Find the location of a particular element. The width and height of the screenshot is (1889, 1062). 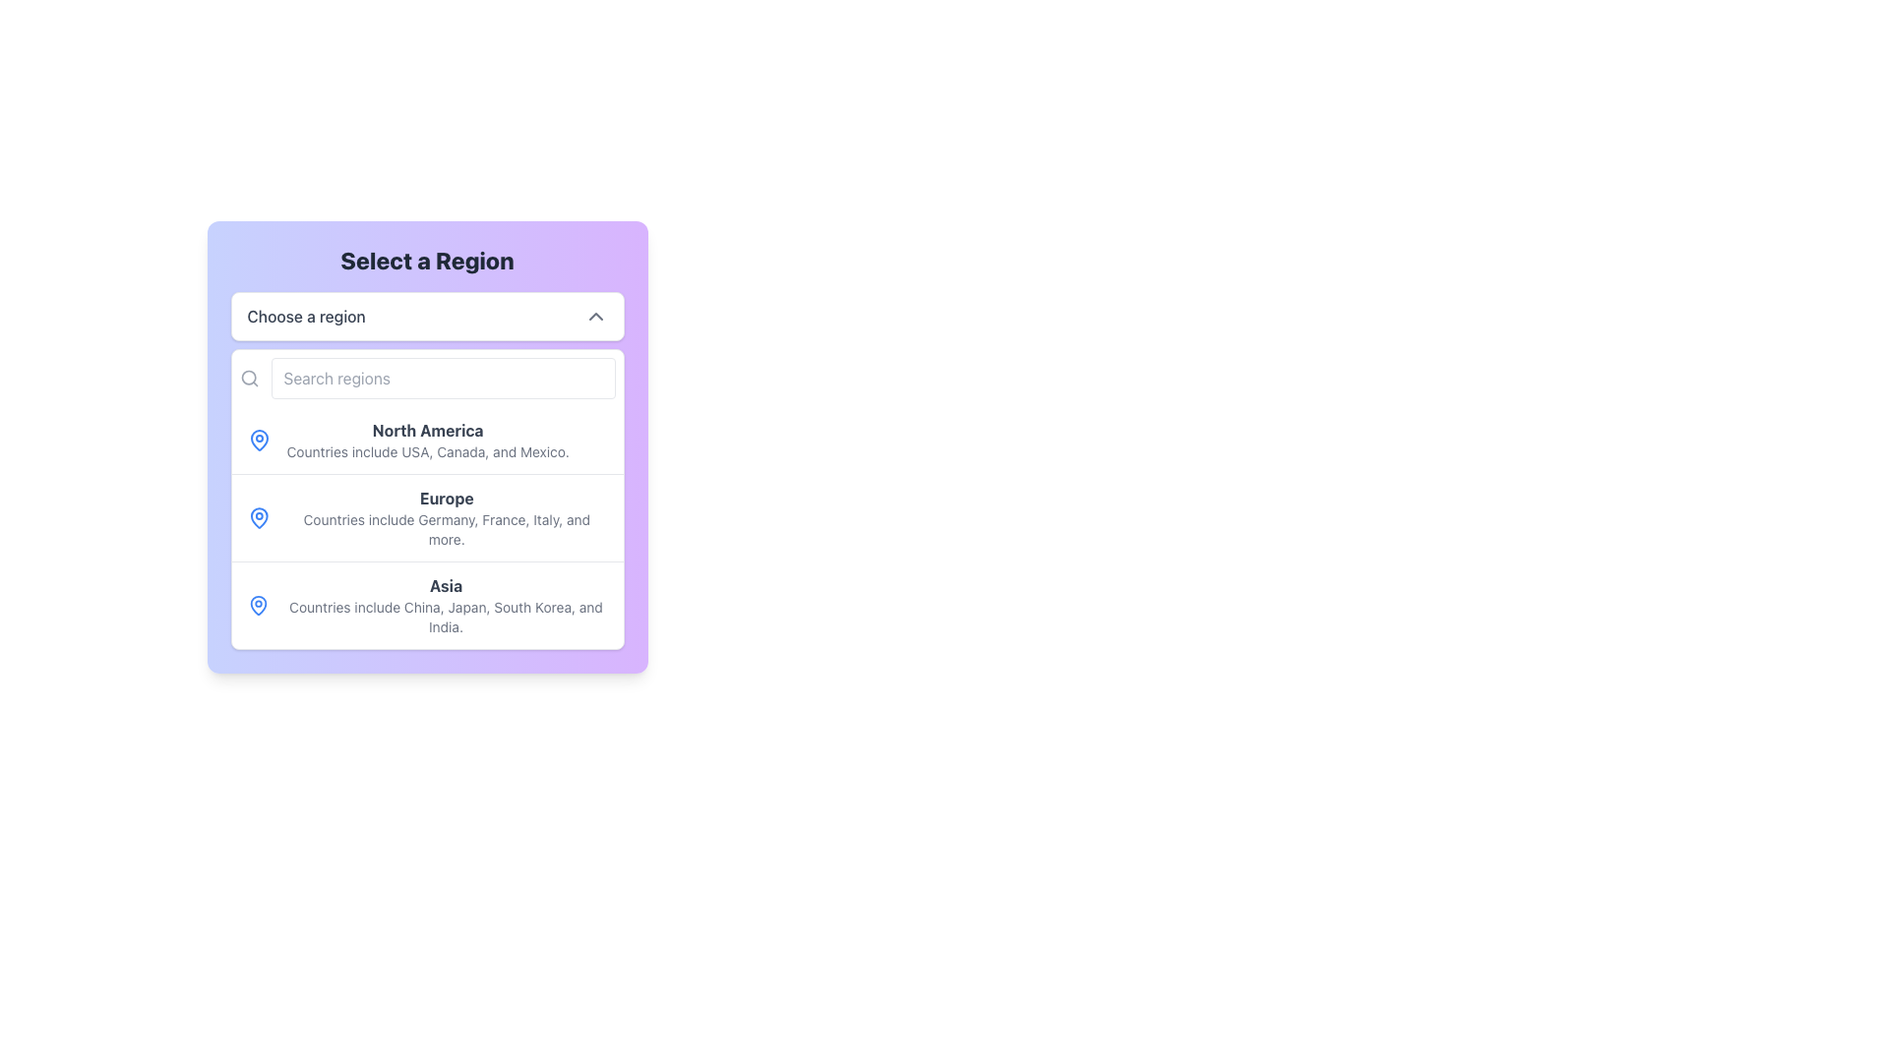

the icon representing the geographic region 'Europe' which enhances the identification of the 'Europe' entry in the list is located at coordinates (258, 517).